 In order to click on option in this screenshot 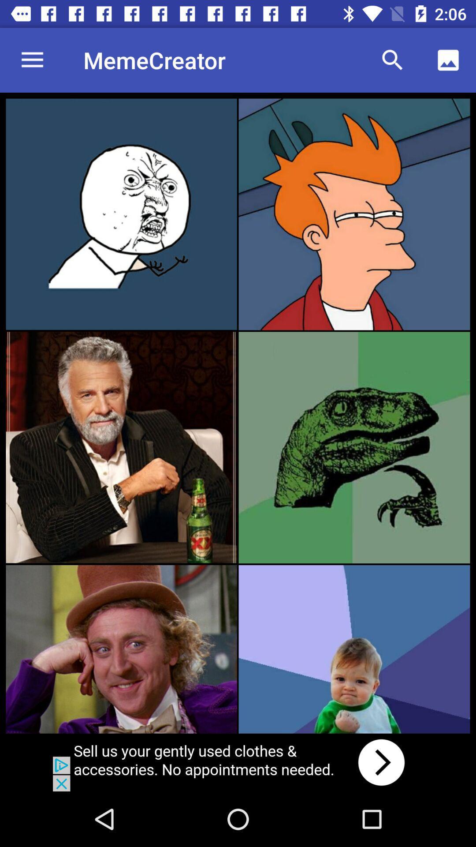, I will do `click(353, 649)`.